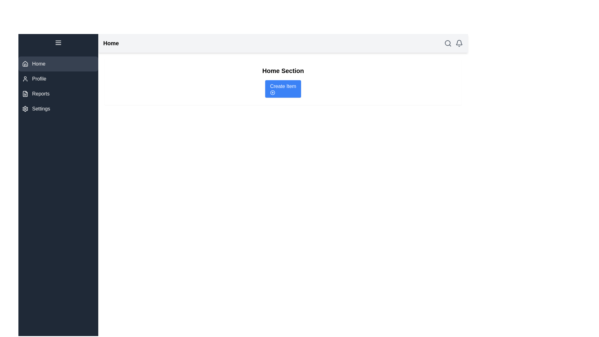  I want to click on the navigation menu item located in the sidebar to switch between different application views or sections, so click(58, 75).